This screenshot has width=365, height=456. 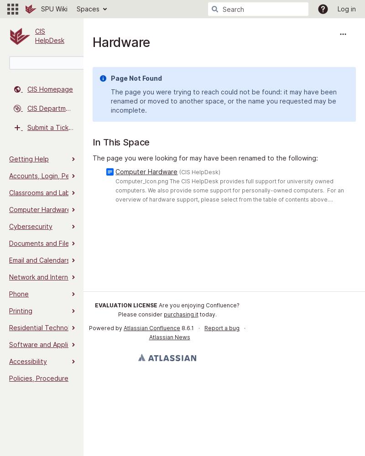 What do you see at coordinates (205, 157) in the screenshot?
I see `'The page you were looking for may have been renamed to the following:'` at bounding box center [205, 157].